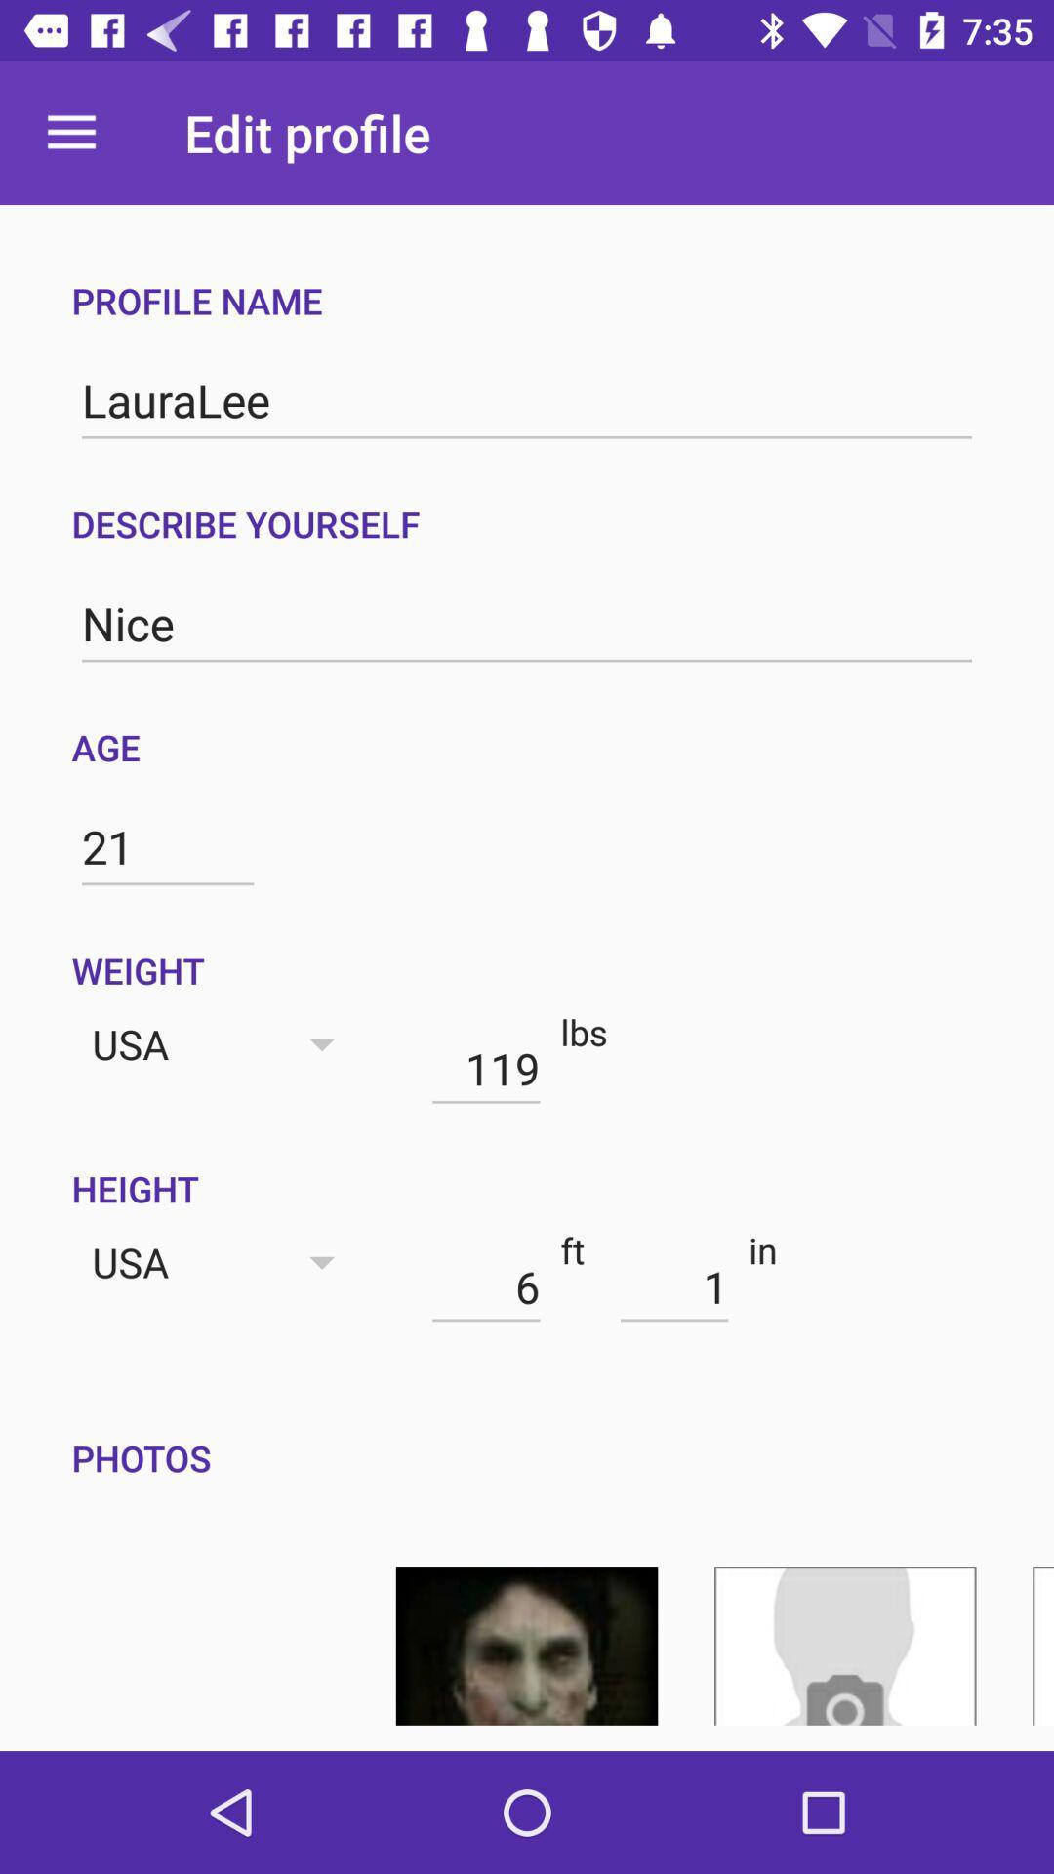  I want to click on item above the profile name item, so click(70, 132).